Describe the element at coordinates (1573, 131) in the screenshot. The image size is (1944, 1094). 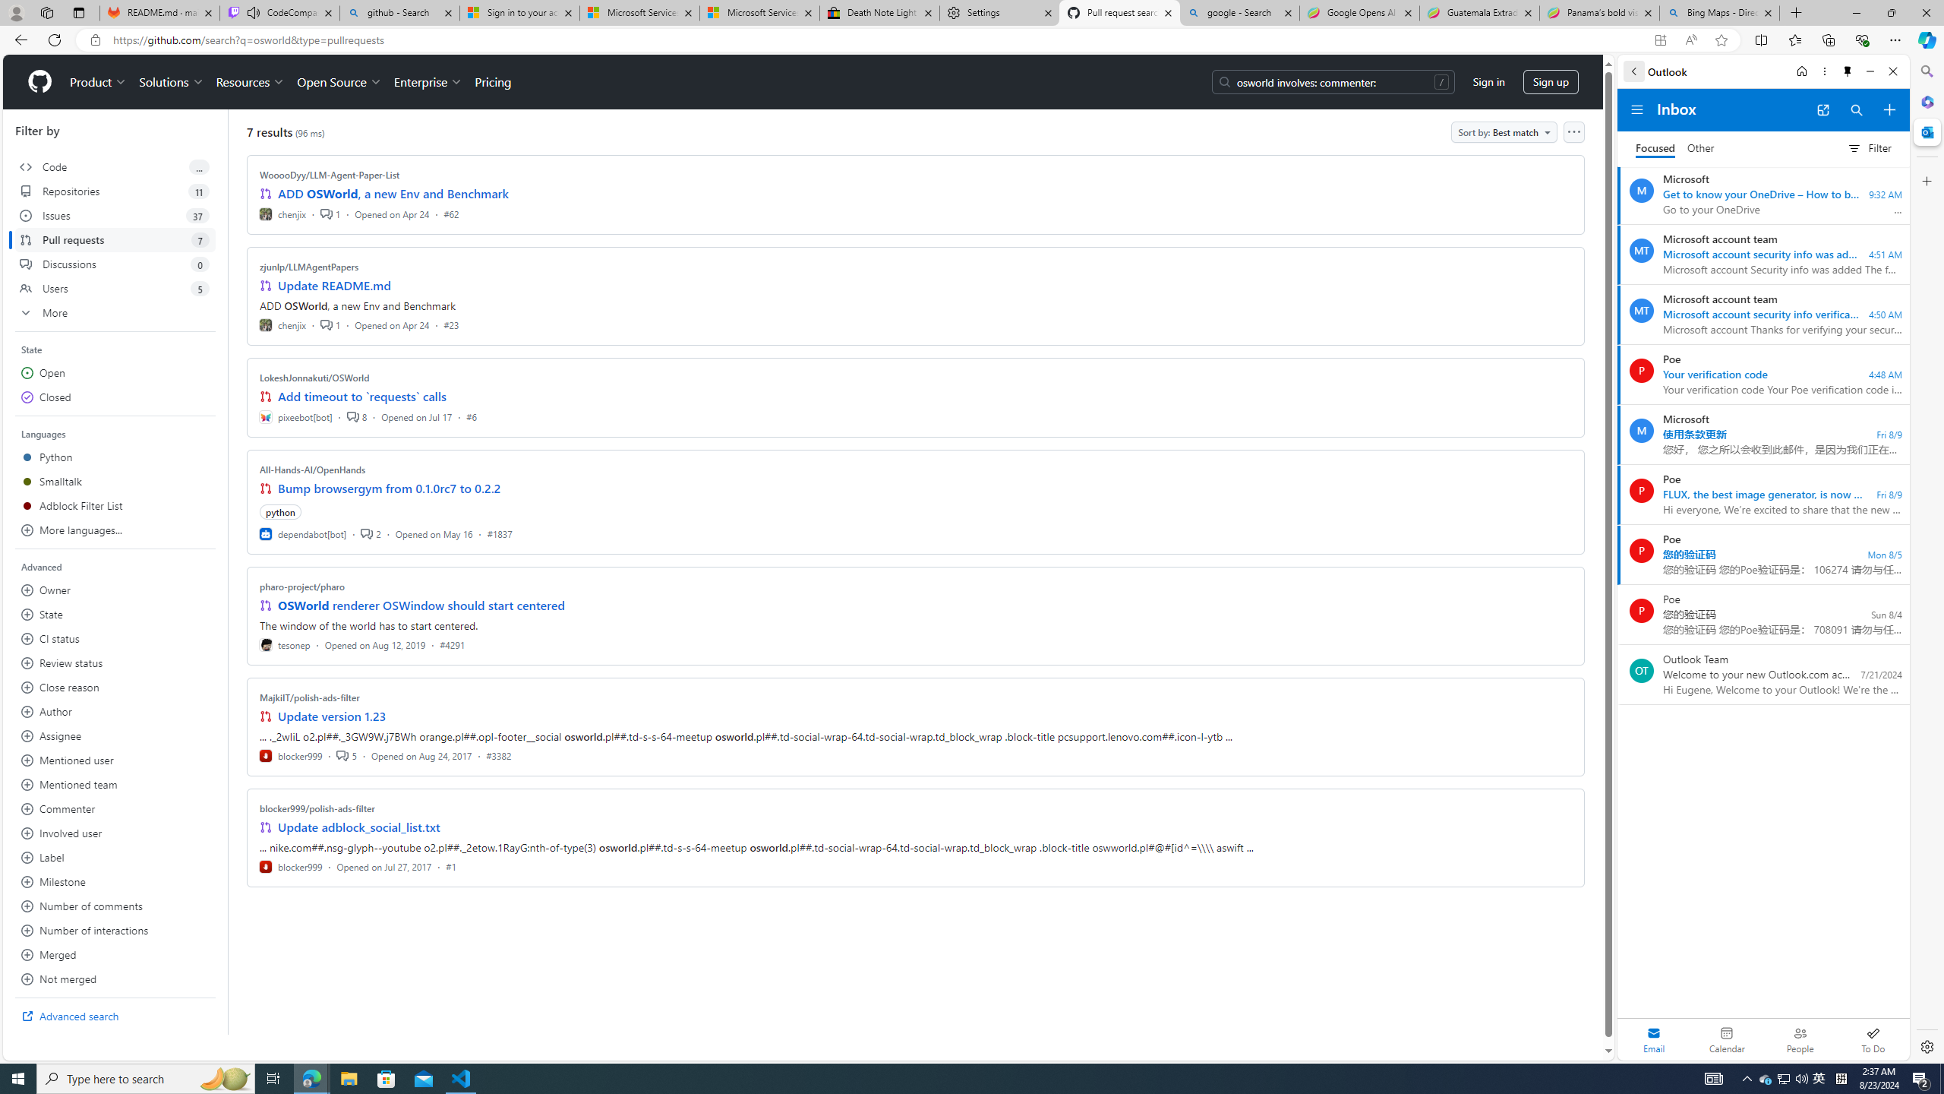
I see `'Open column options'` at that location.